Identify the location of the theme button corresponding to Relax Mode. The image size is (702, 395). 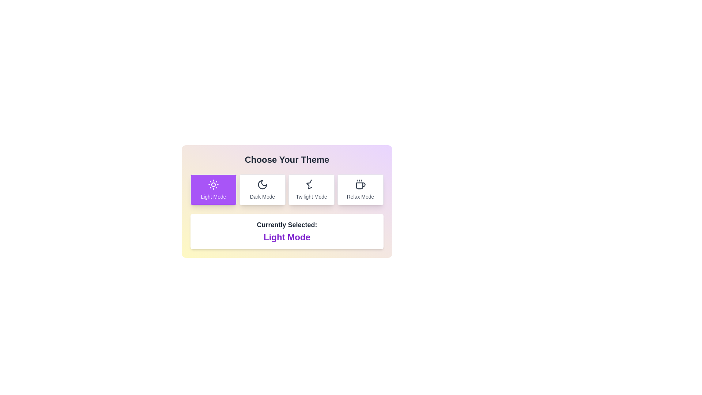
(360, 189).